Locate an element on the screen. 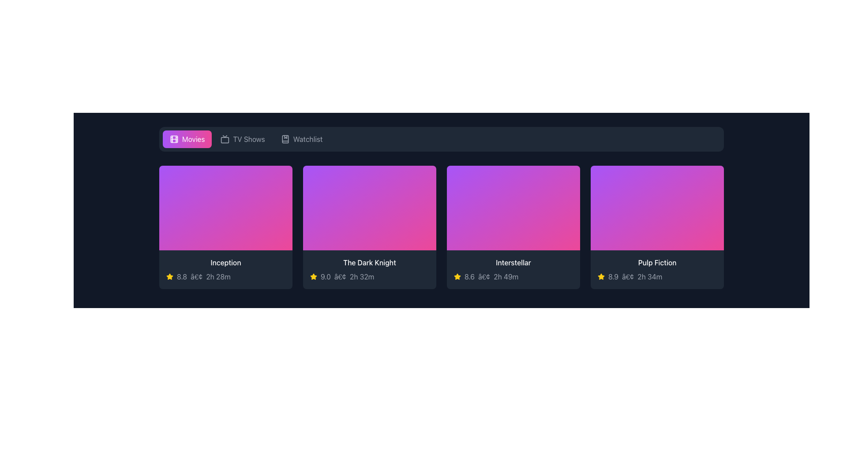  text label displaying 'Interstellar', which is a title in a clean sans-serif font with white color on a dark blue background, positioned above the rating and duration information within the movie information card is located at coordinates (513, 262).